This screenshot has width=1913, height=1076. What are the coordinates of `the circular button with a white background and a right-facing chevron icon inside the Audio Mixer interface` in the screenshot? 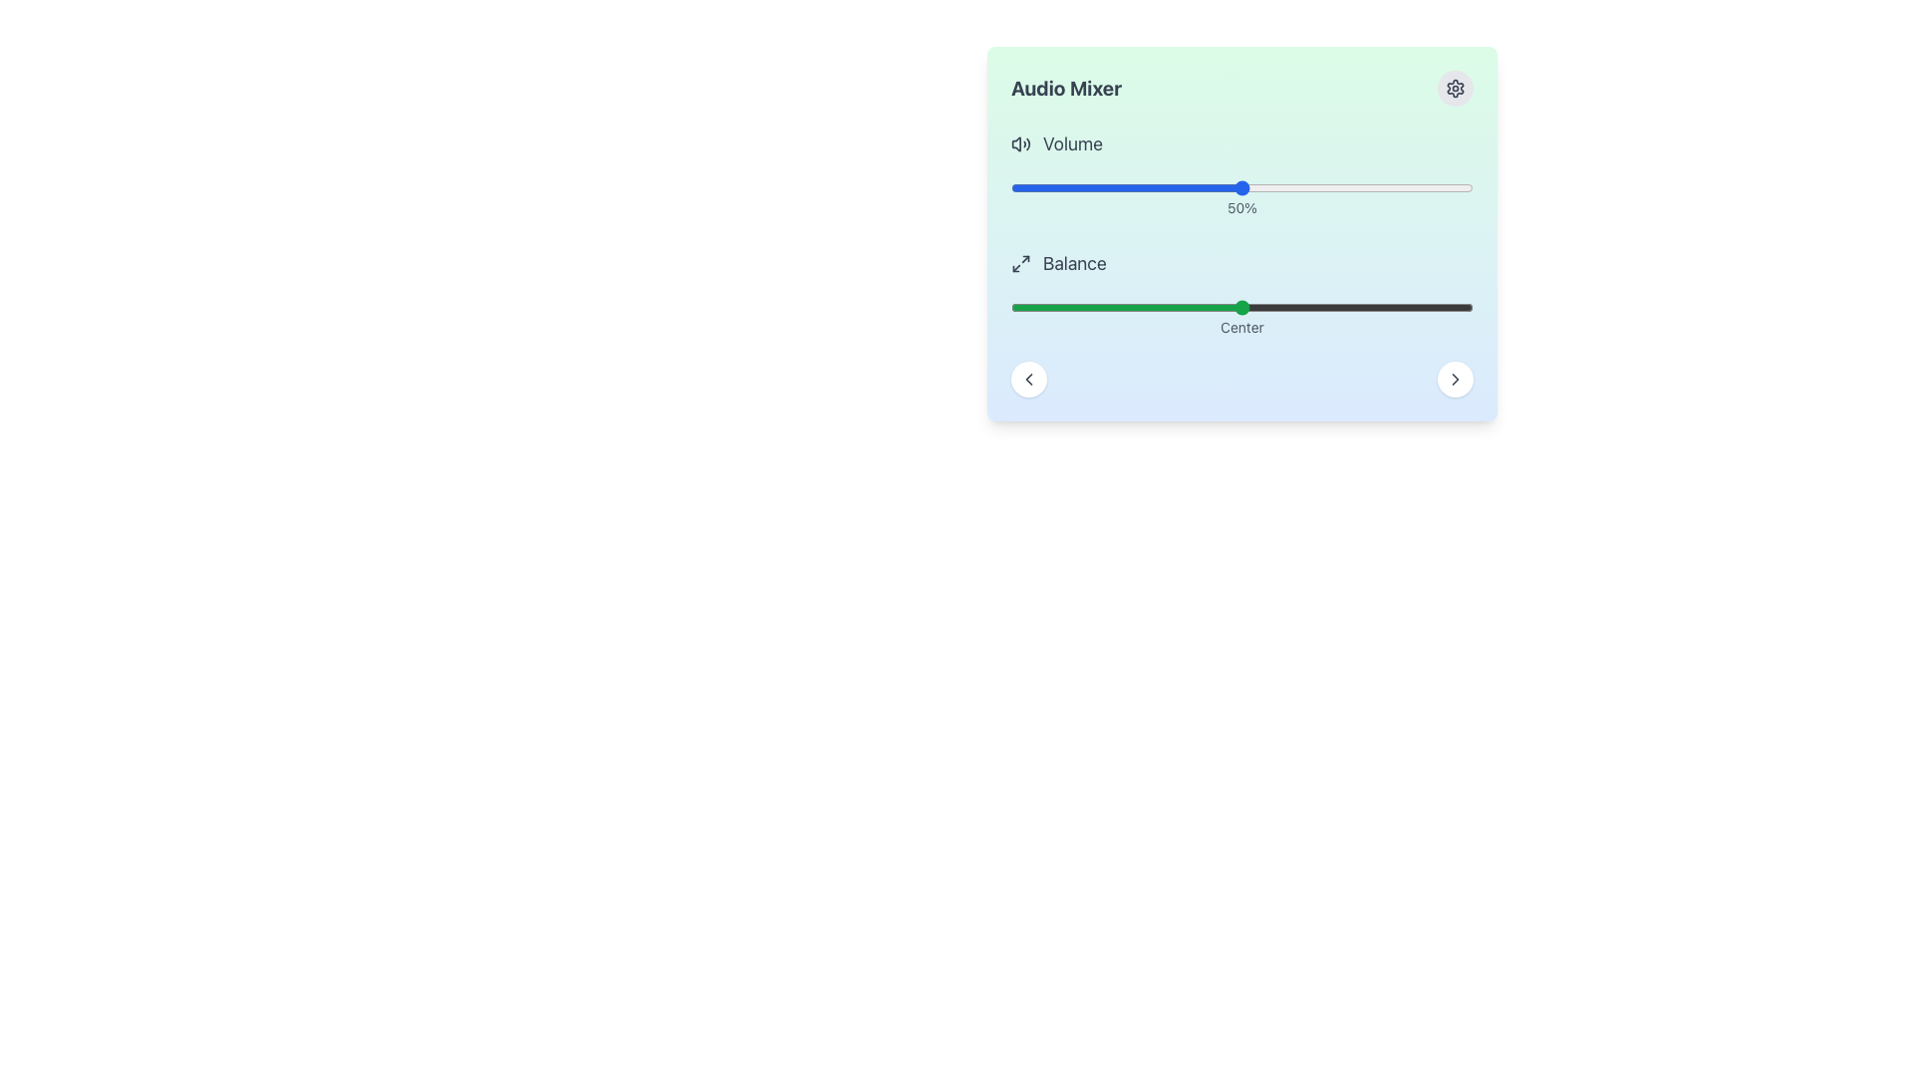 It's located at (1455, 380).